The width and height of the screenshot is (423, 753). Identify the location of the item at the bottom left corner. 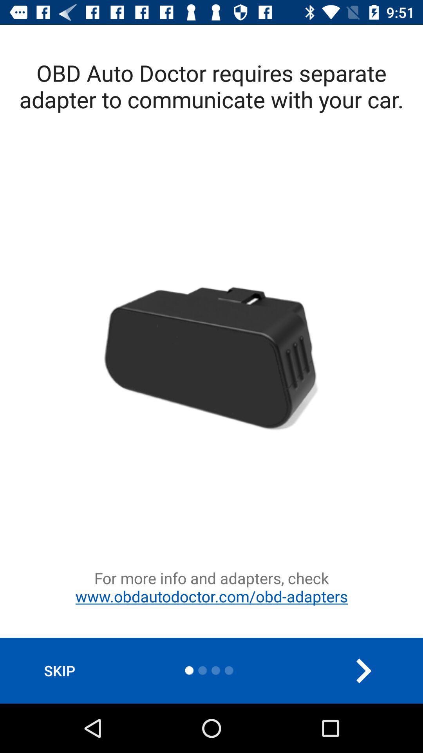
(59, 670).